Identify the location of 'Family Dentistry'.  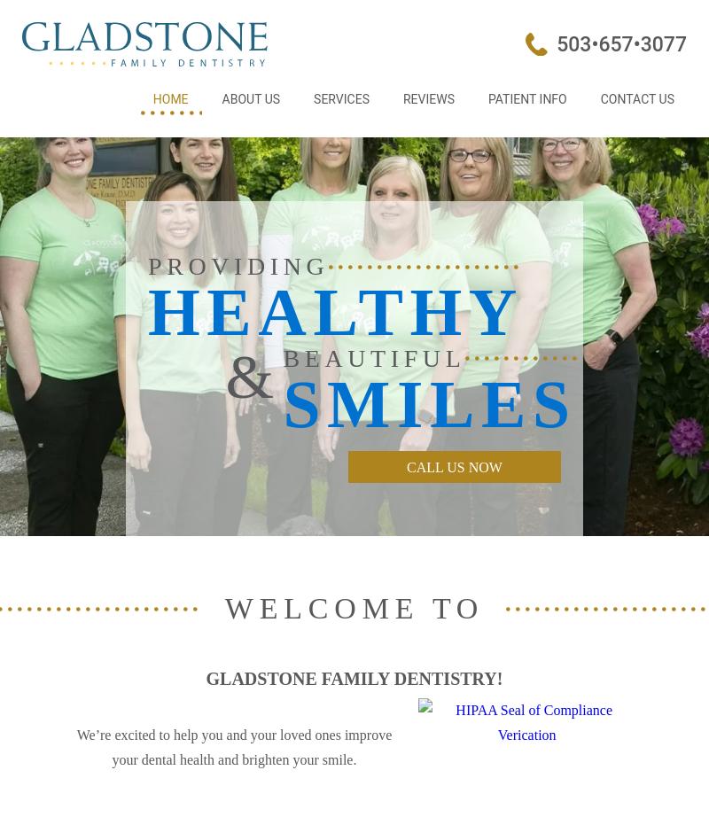
(314, 161).